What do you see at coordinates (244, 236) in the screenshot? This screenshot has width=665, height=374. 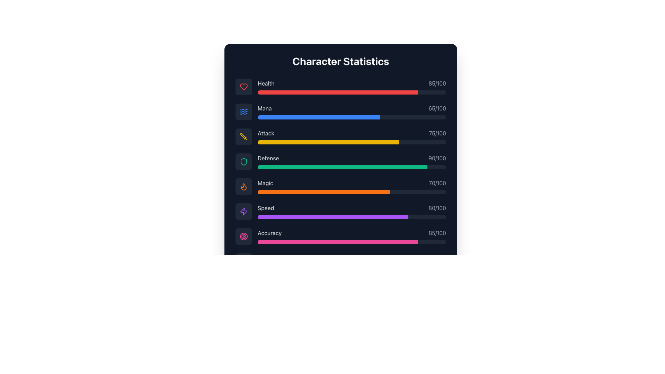 I see `the circular icon with concentric bright pink circles, located on the left side of the 'Accuracy' row within the statistics panel` at bounding box center [244, 236].